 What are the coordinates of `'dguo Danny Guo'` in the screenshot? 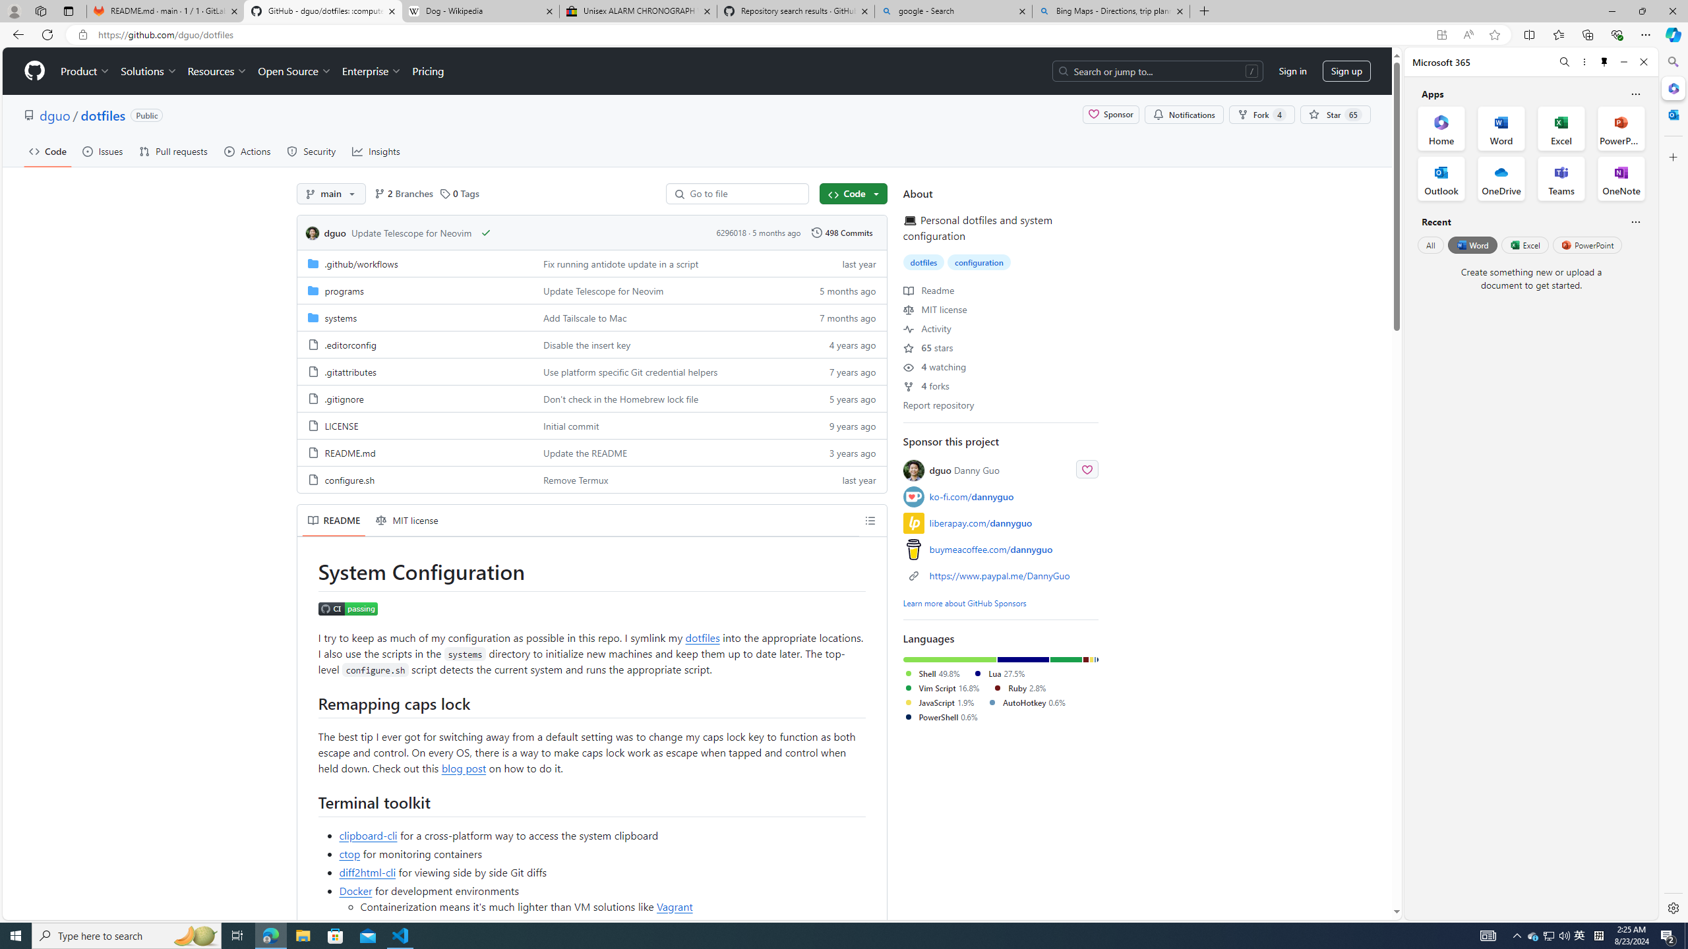 It's located at (1000, 469).